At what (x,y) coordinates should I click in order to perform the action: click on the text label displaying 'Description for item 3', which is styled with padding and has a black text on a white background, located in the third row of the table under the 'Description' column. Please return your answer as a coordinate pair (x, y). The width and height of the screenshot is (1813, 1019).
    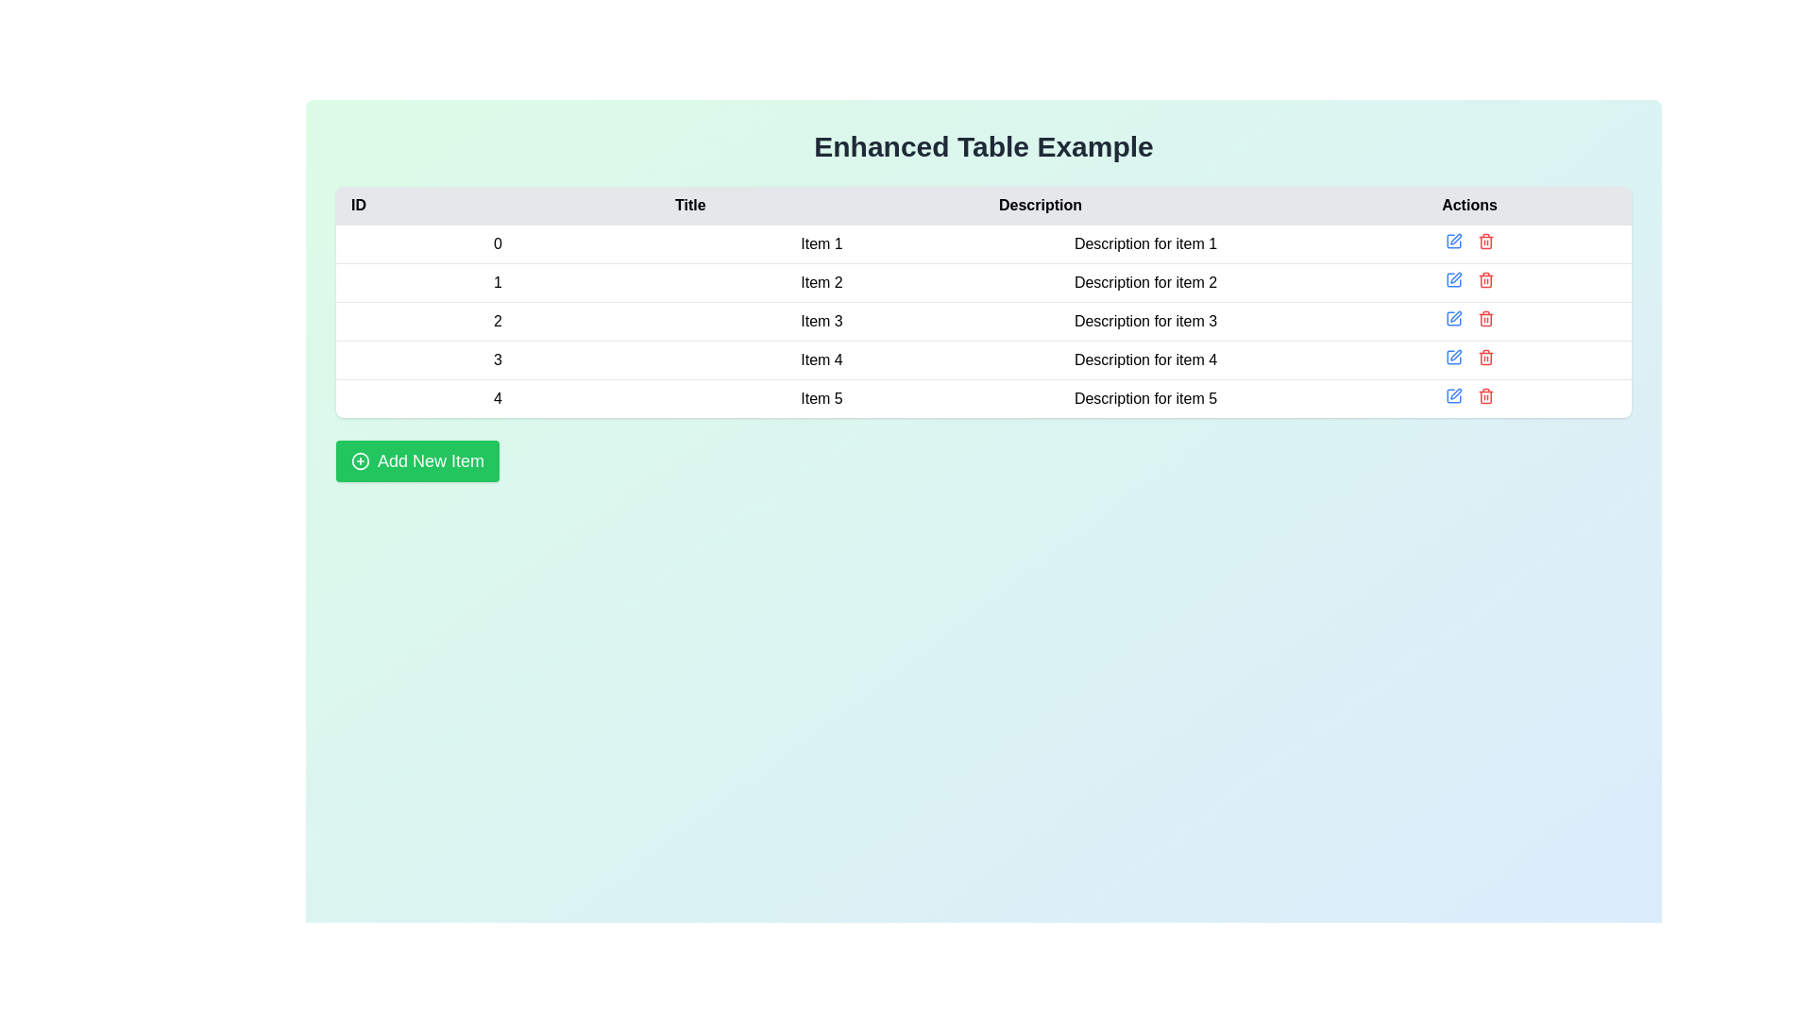
    Looking at the image, I should click on (1144, 320).